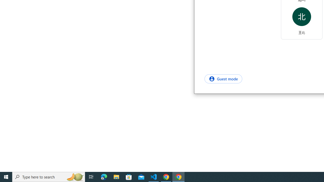  What do you see at coordinates (74, 176) in the screenshot?
I see `'Search highlights icon opens search home window'` at bounding box center [74, 176].